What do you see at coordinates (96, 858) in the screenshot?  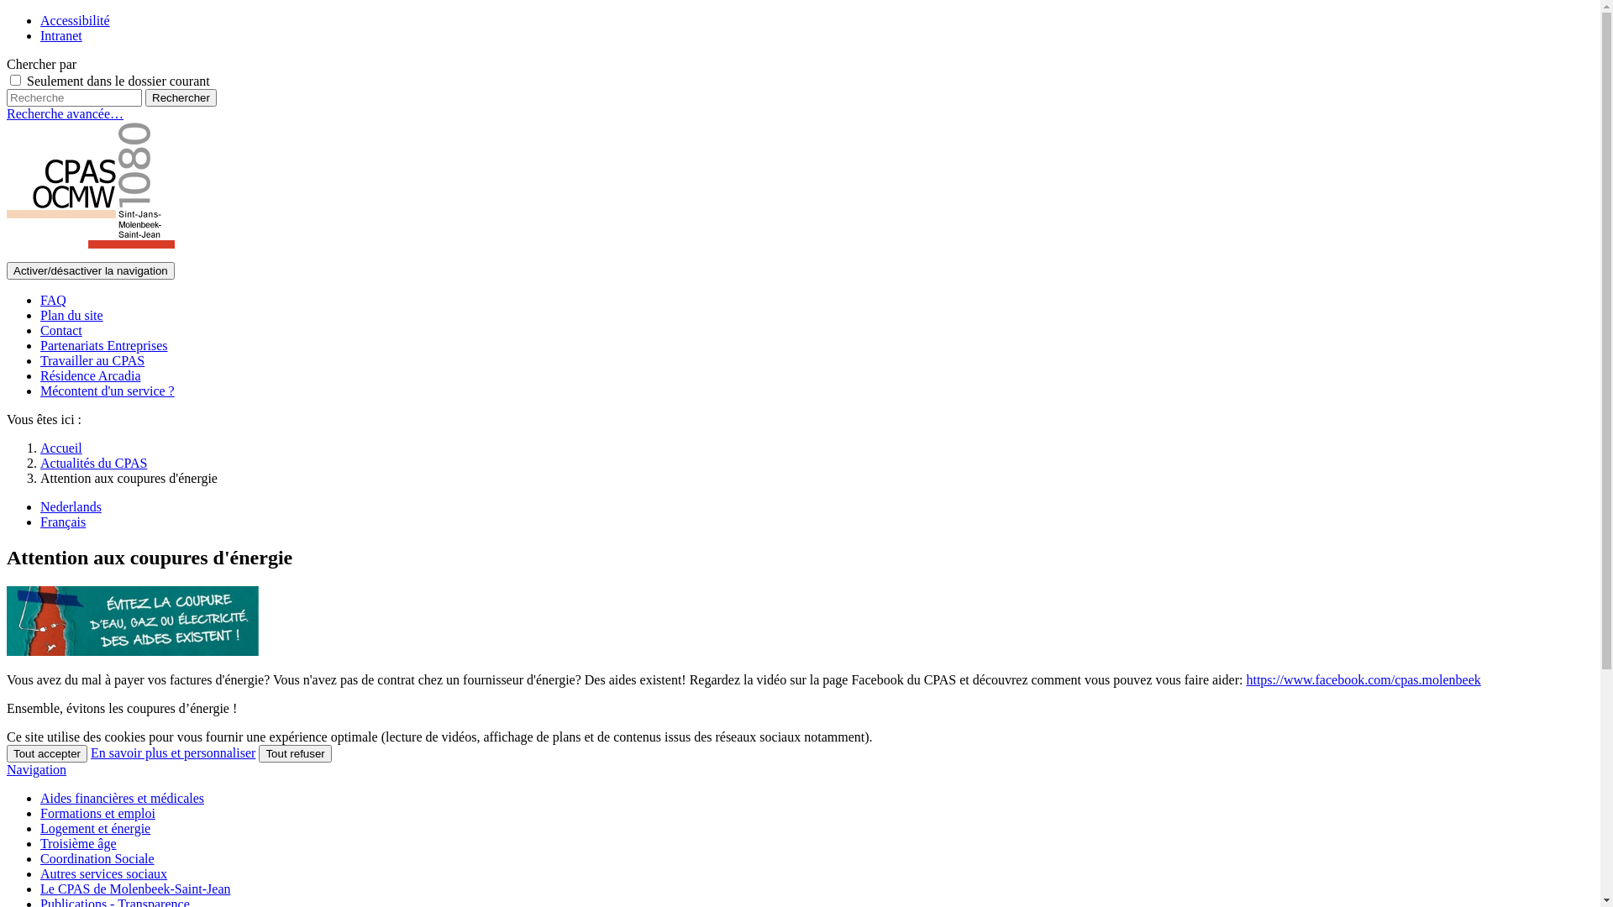 I see `'Coordination Sociale'` at bounding box center [96, 858].